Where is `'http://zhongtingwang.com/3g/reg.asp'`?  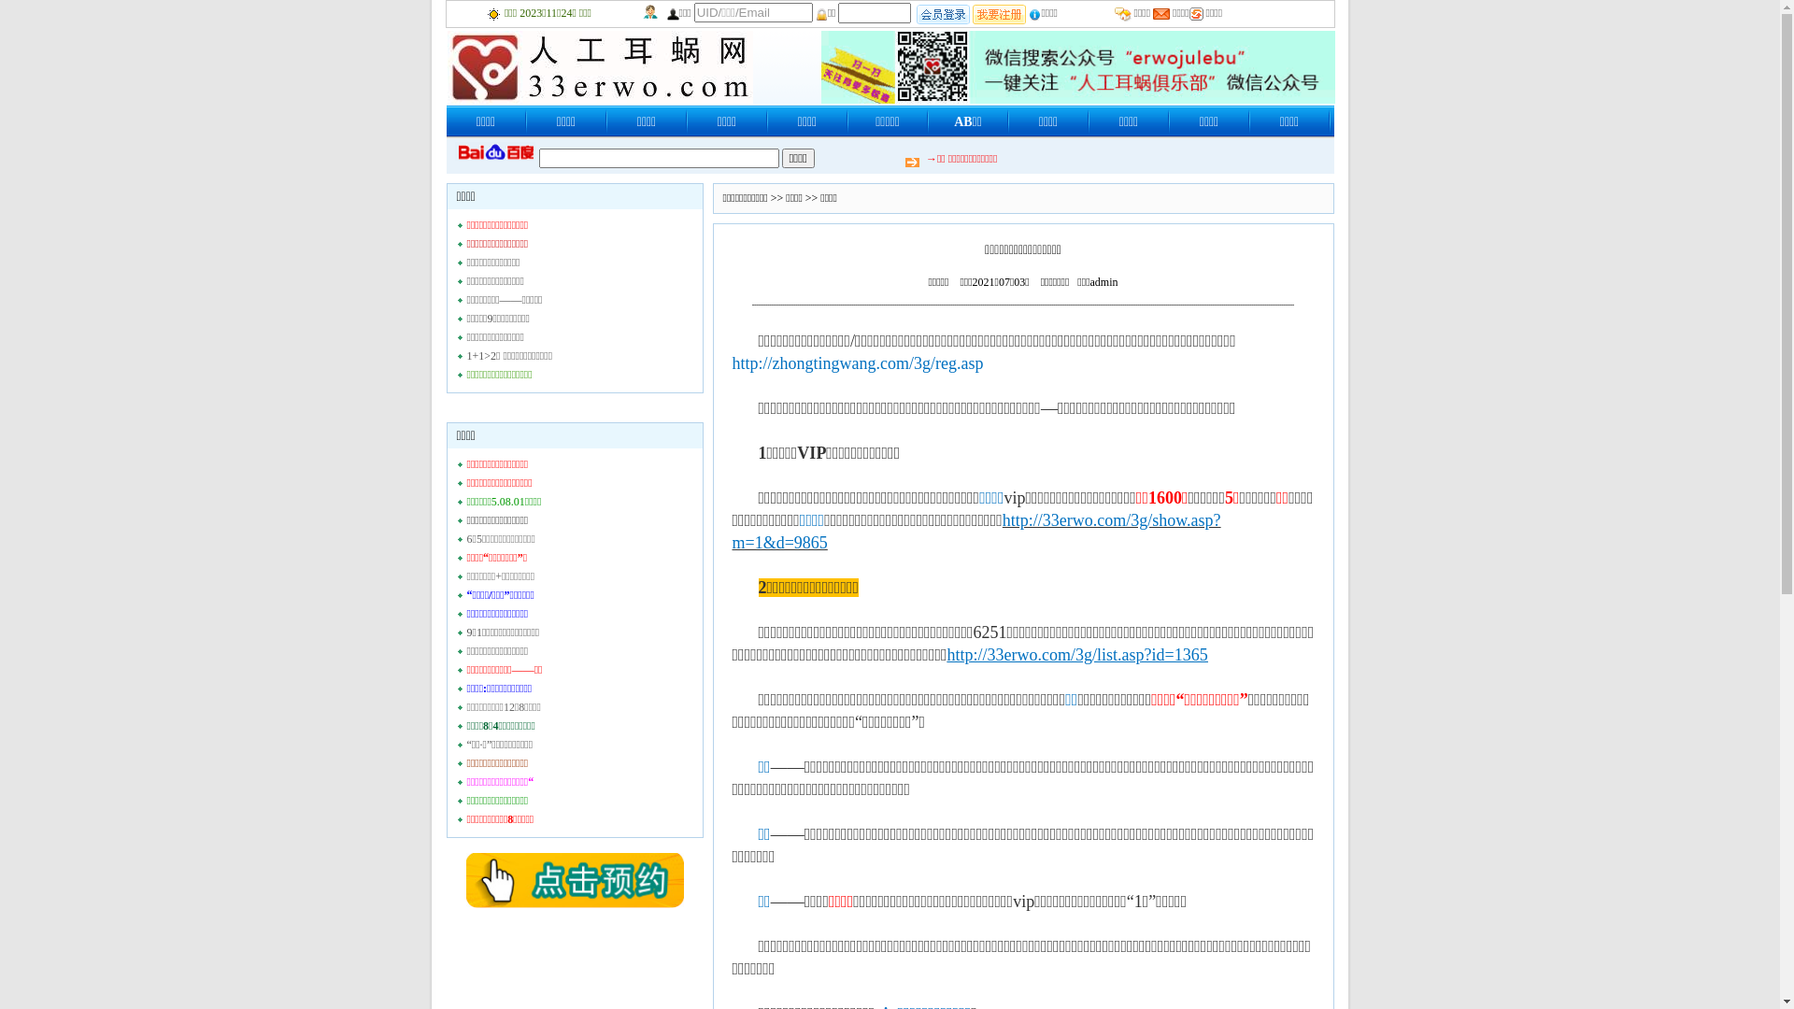 'http://zhongtingwang.com/3g/reg.asp' is located at coordinates (857, 362).